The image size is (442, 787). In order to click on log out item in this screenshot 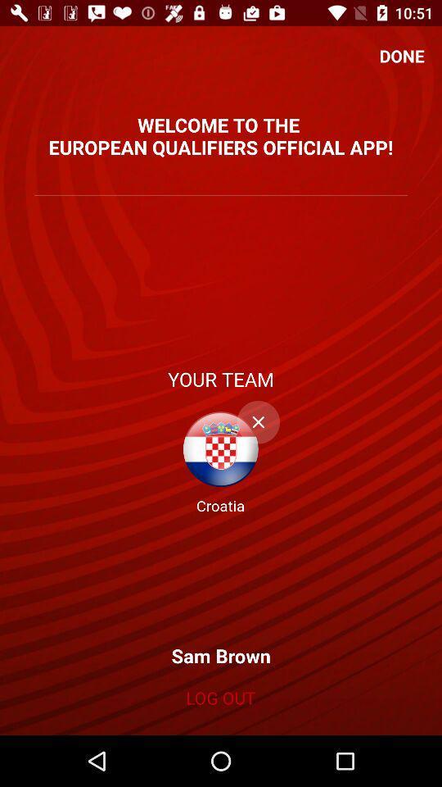, I will do `click(220, 697)`.